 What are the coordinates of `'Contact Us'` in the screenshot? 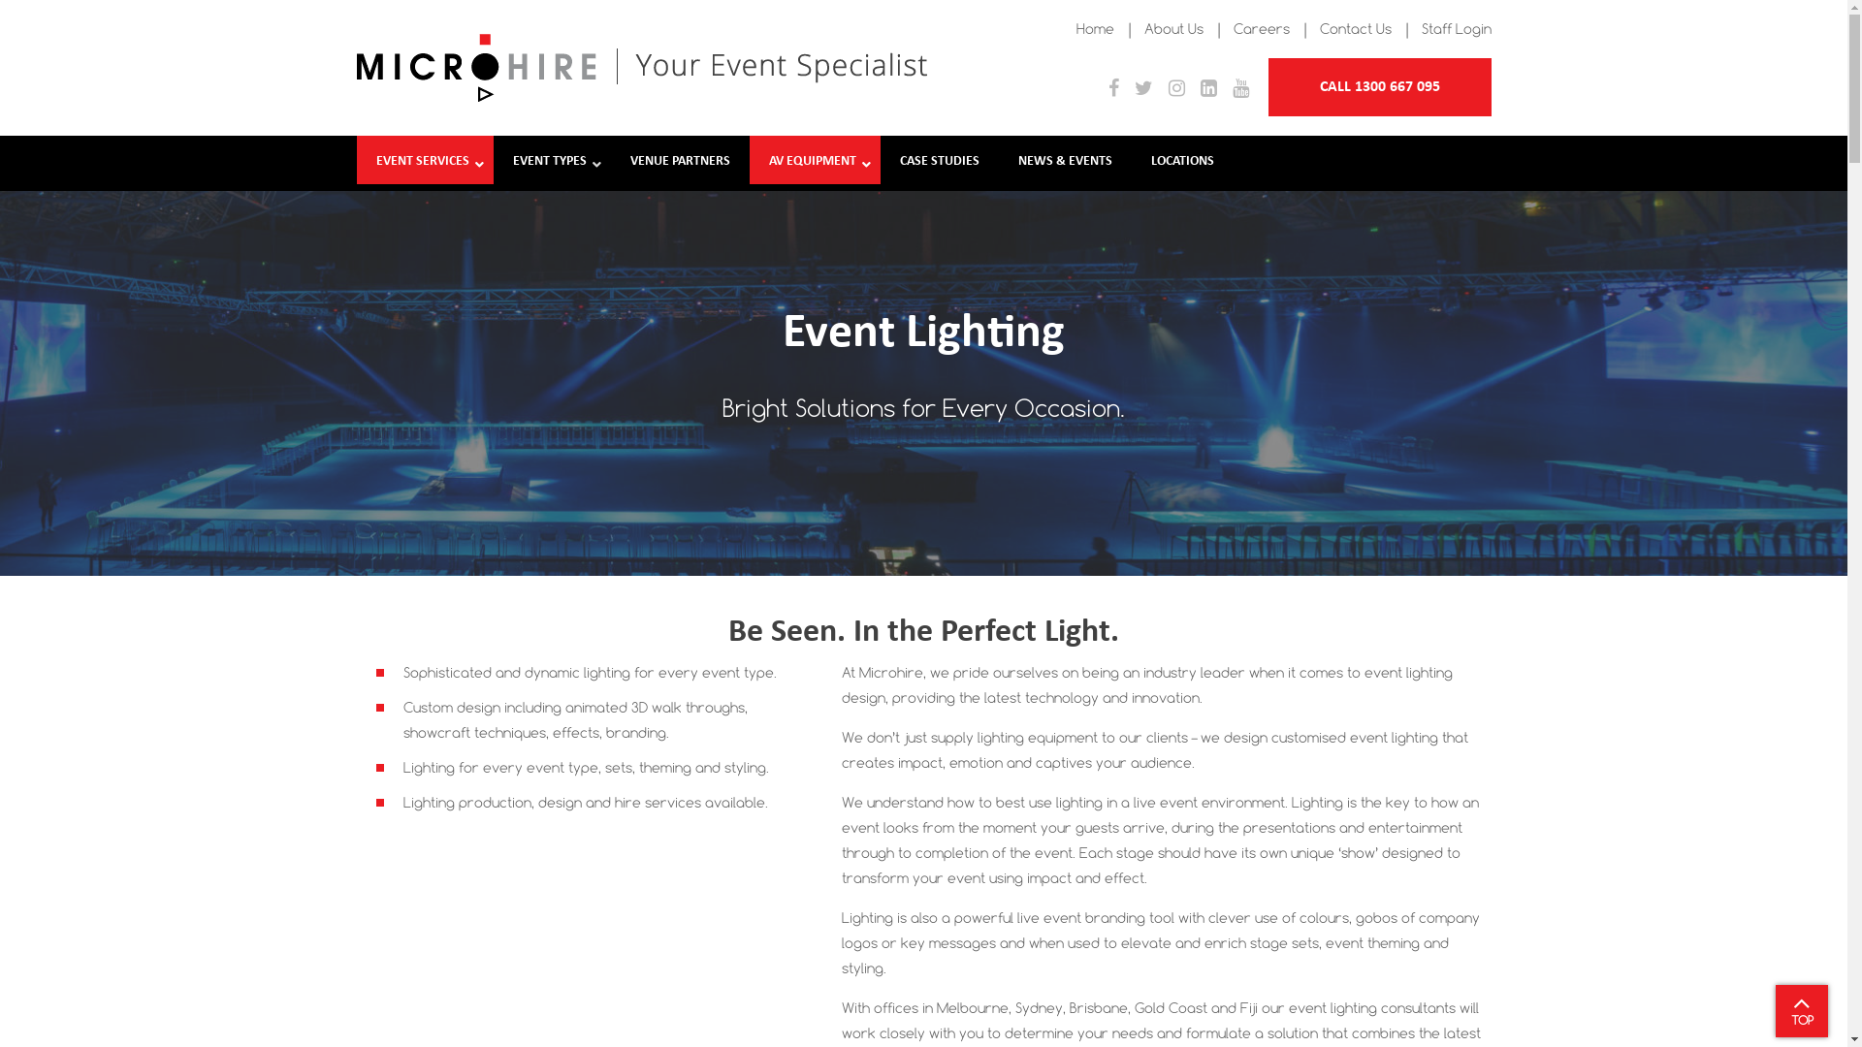 It's located at (1353, 28).